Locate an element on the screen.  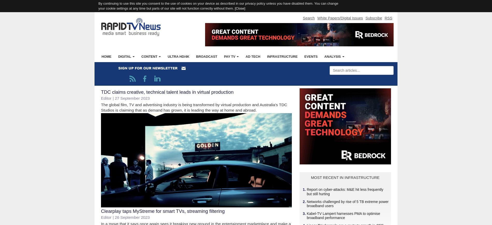
'[Close]' is located at coordinates (240, 8).